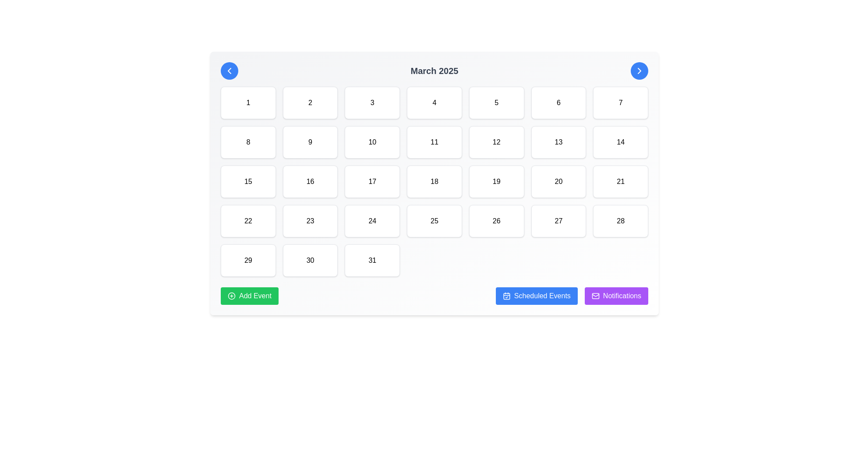  What do you see at coordinates (310, 102) in the screenshot?
I see `the second item in the first row of the calendar grid, which visually represents the date '2'` at bounding box center [310, 102].